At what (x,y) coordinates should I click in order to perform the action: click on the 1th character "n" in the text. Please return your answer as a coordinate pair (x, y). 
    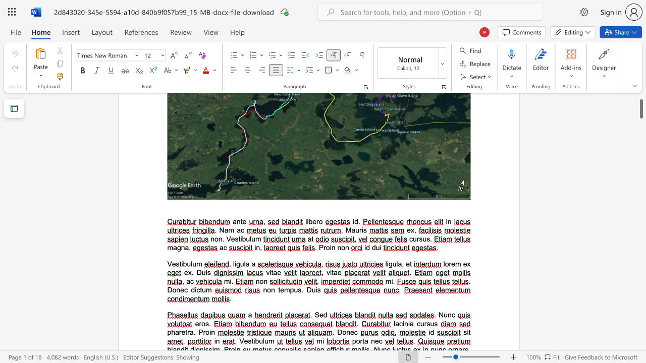
    Looking at the image, I should click on (212, 239).